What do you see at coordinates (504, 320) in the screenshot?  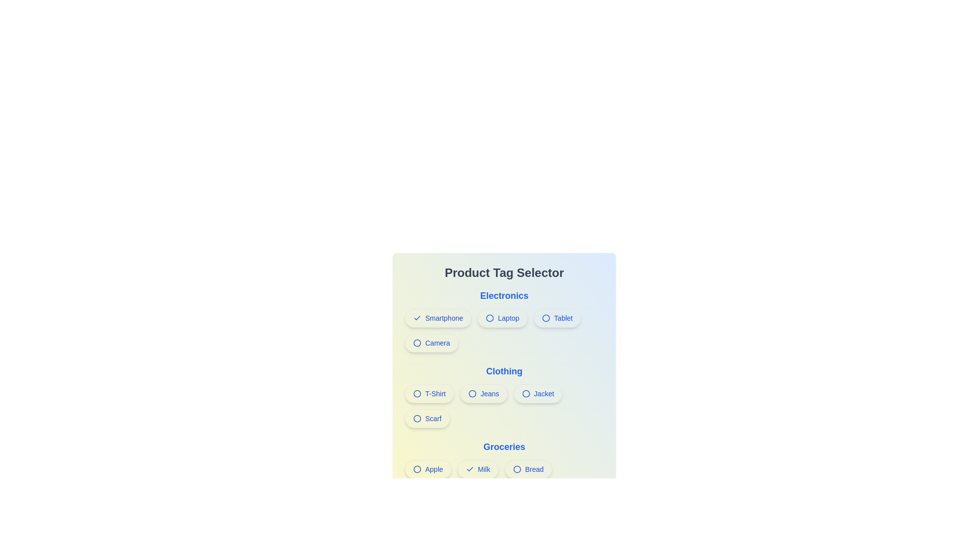 I see `the 'Laptop' category button, which is the second option in a list of four under the 'Electronics' category` at bounding box center [504, 320].